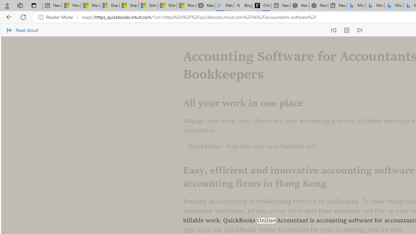 Image resolution: width=416 pixels, height=234 pixels. Describe the element at coordinates (333, 30) in the screenshot. I see `'Read previous paragraph'` at that location.